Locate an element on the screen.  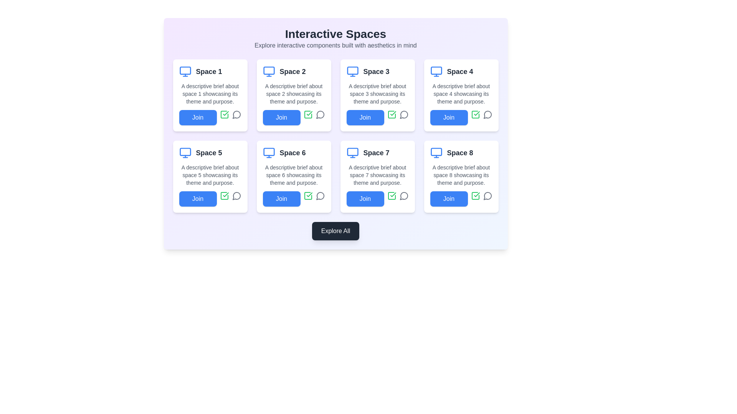
descriptive text from the Interactive Card located at the top-left corner of the grid layout, specifically the first column and first row is located at coordinates (210, 95).